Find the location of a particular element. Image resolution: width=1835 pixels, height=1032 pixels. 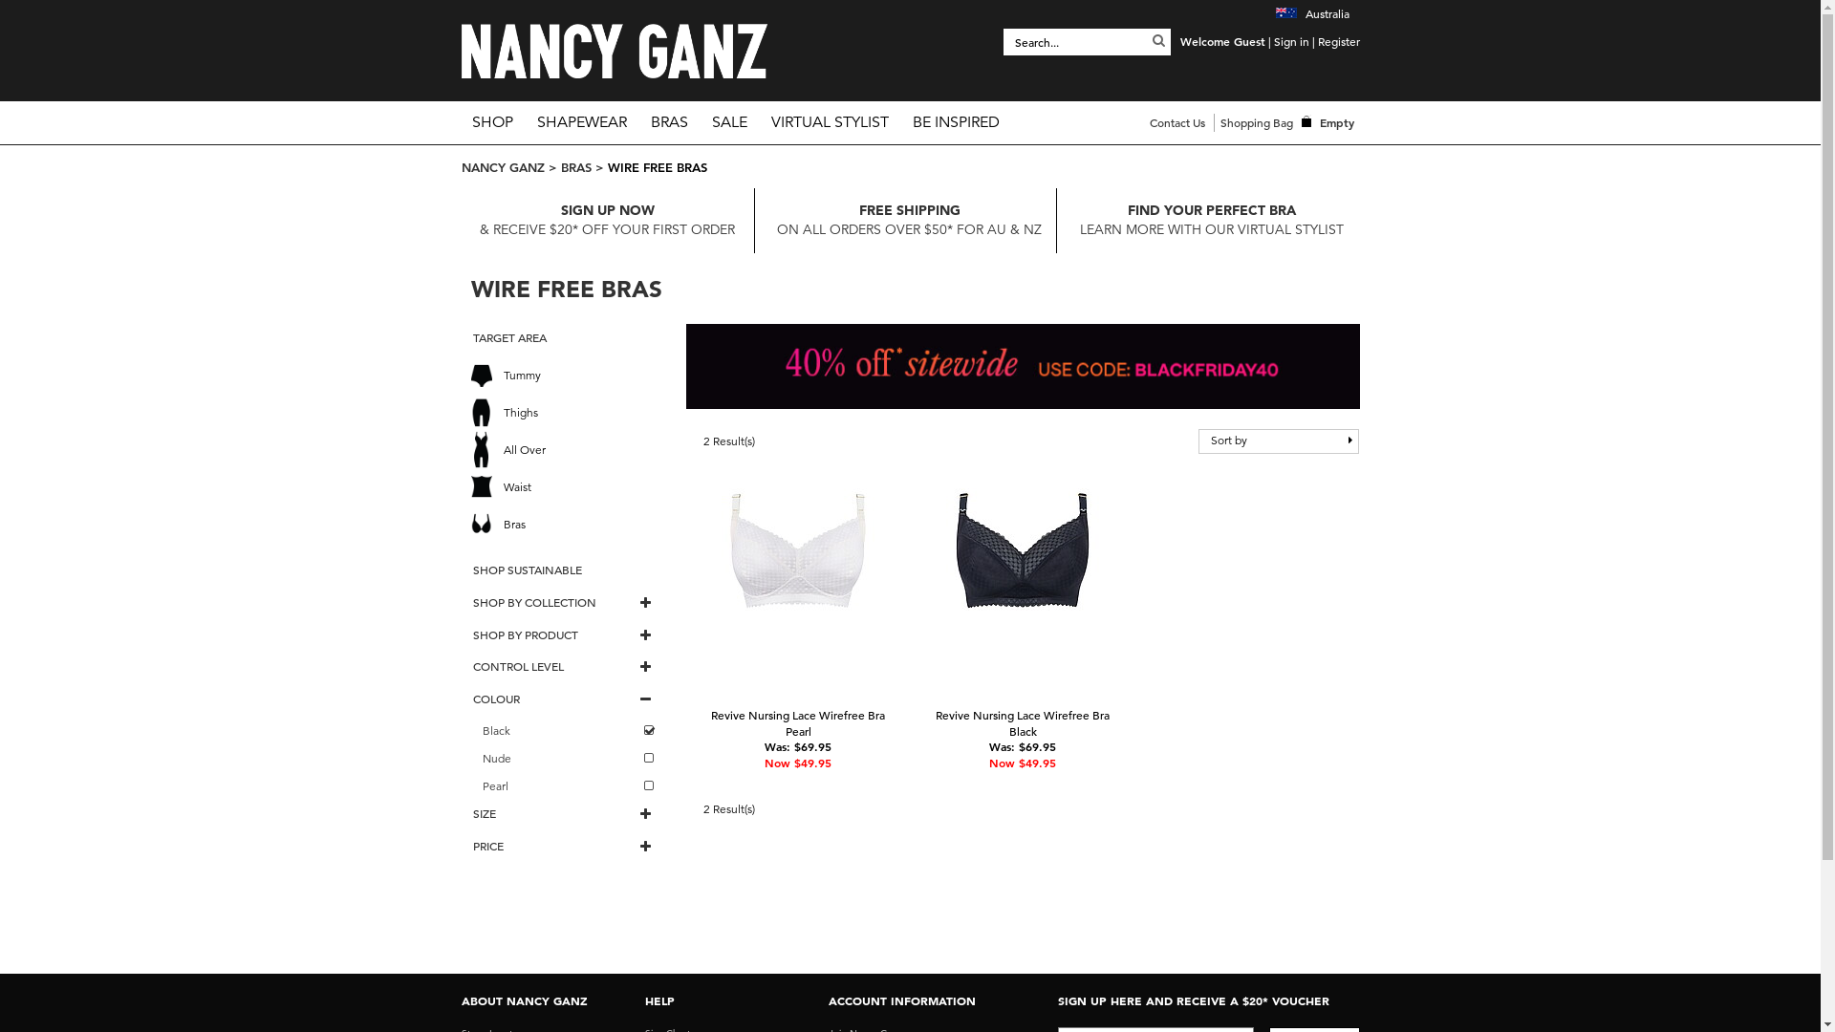

'Waist' is located at coordinates (567, 485).